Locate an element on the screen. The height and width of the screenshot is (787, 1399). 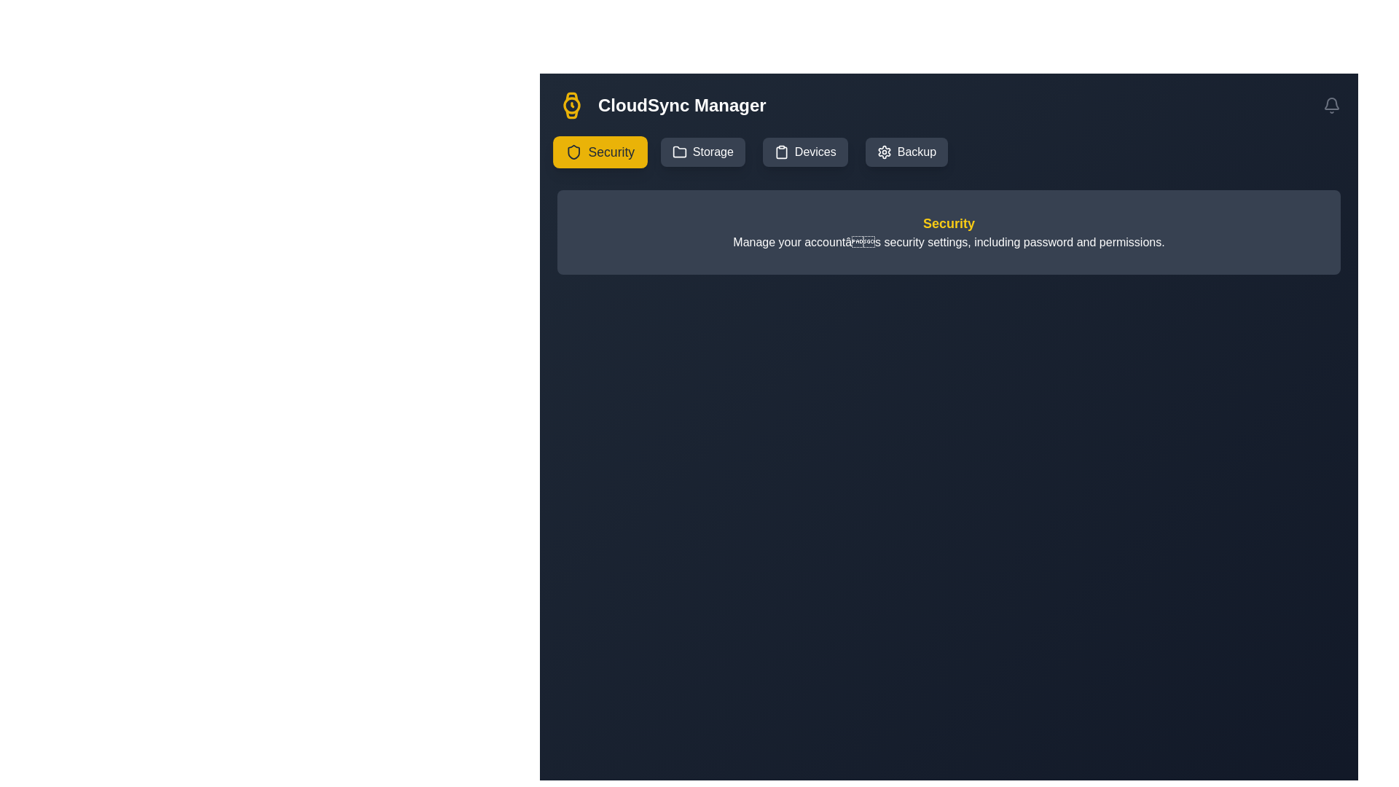
the 'Backup' button with a dark gray background and white text is located at coordinates (906, 152).